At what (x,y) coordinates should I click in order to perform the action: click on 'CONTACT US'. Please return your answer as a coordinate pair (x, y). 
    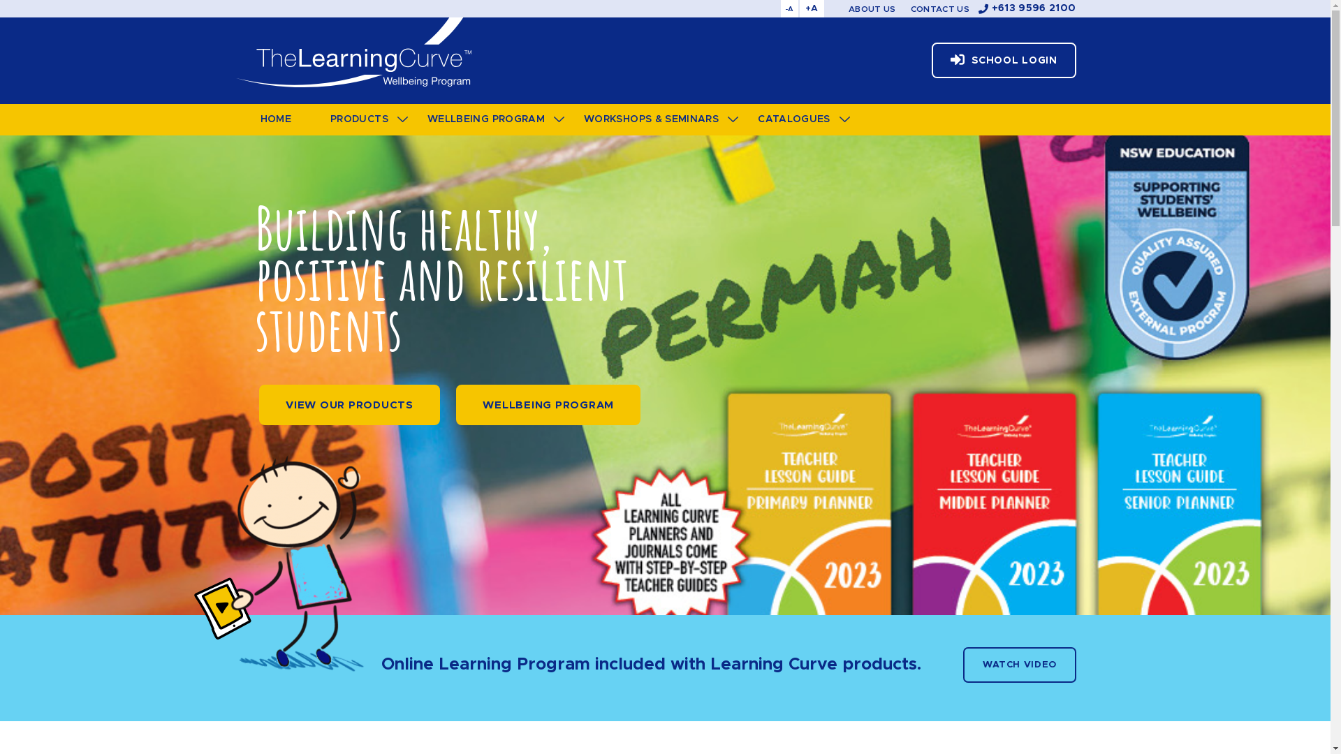
    Looking at the image, I should click on (939, 8).